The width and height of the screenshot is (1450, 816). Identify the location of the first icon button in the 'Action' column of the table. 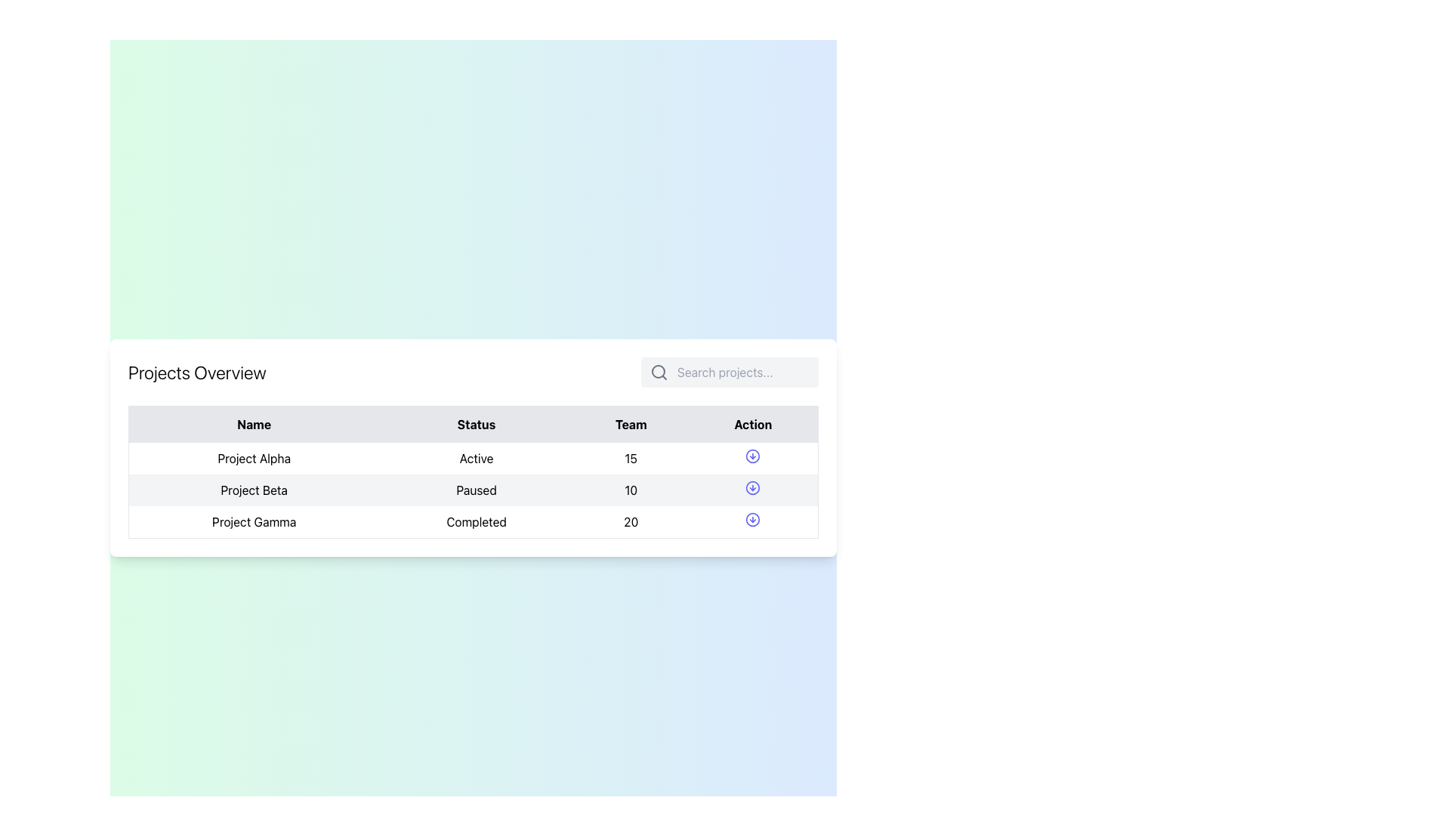
(753, 456).